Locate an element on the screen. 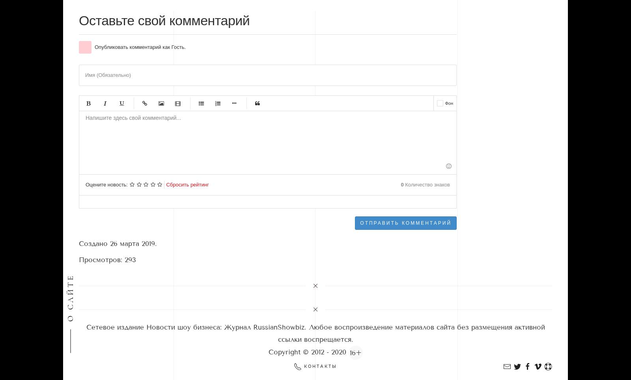 This screenshot has height=380, width=631. '@cannahempx' is located at coordinates (99, 93).